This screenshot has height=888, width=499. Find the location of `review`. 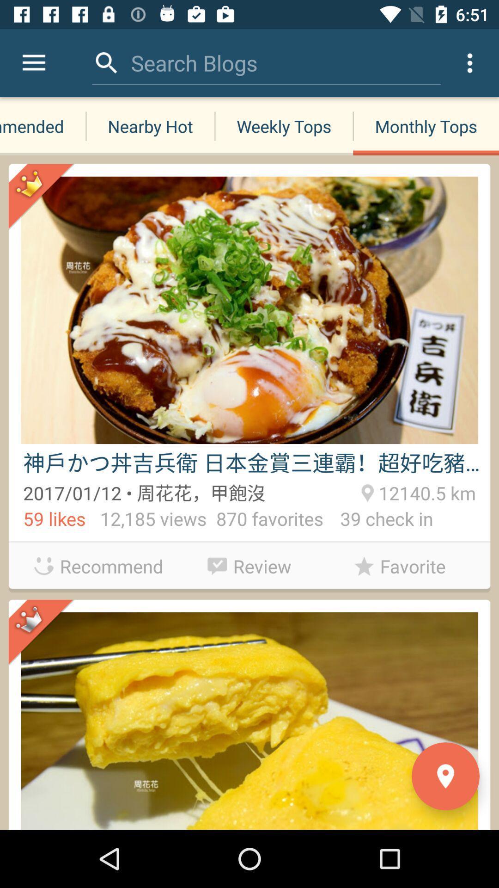

review is located at coordinates (249, 563).